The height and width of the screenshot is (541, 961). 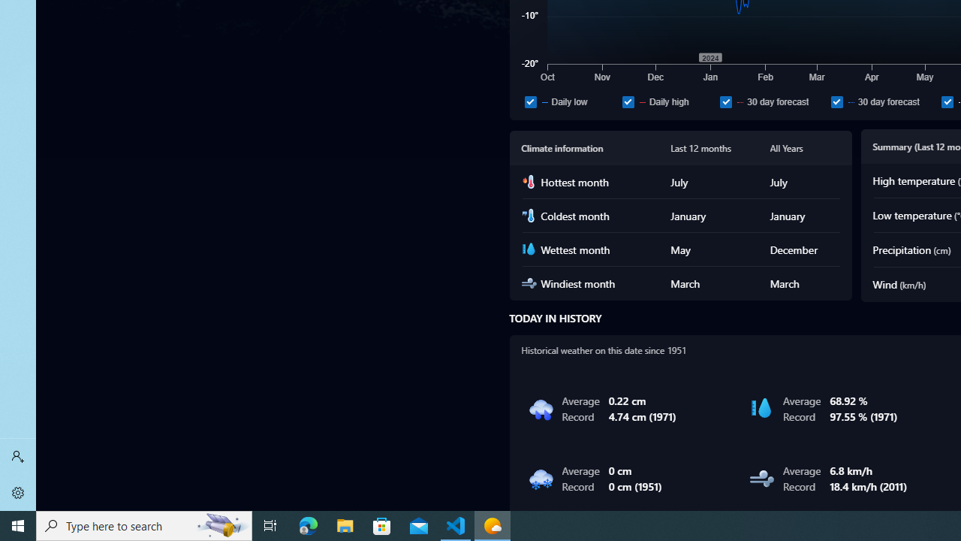 I want to click on 'Start', so click(x=18, y=524).